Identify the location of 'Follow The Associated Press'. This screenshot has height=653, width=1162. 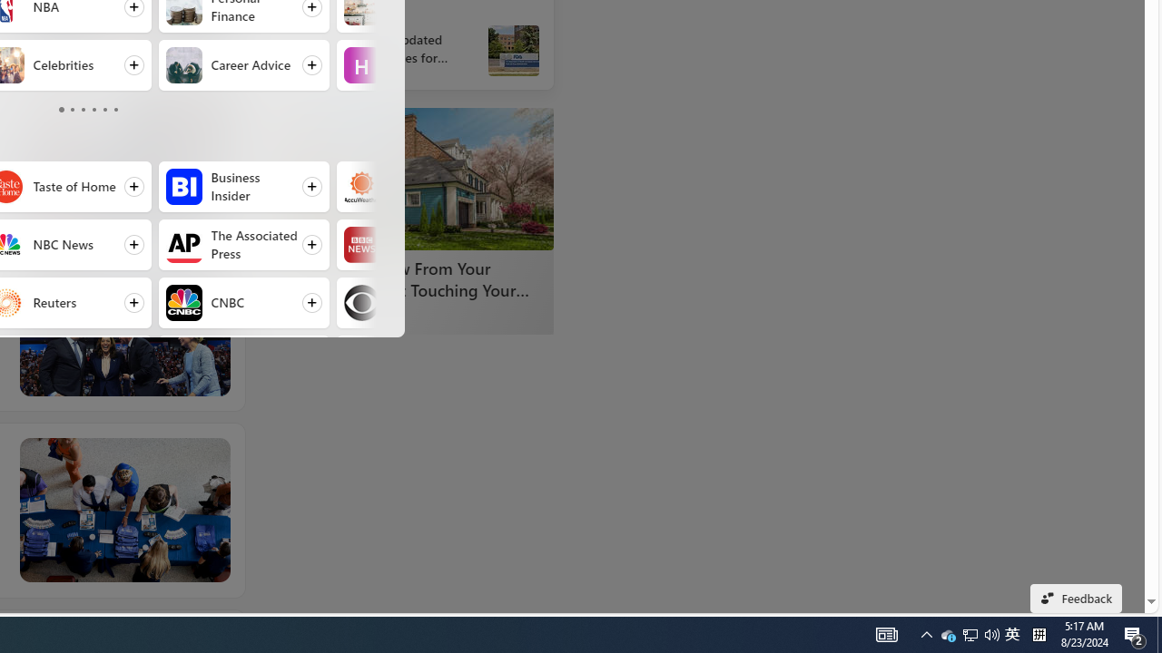
(242, 245).